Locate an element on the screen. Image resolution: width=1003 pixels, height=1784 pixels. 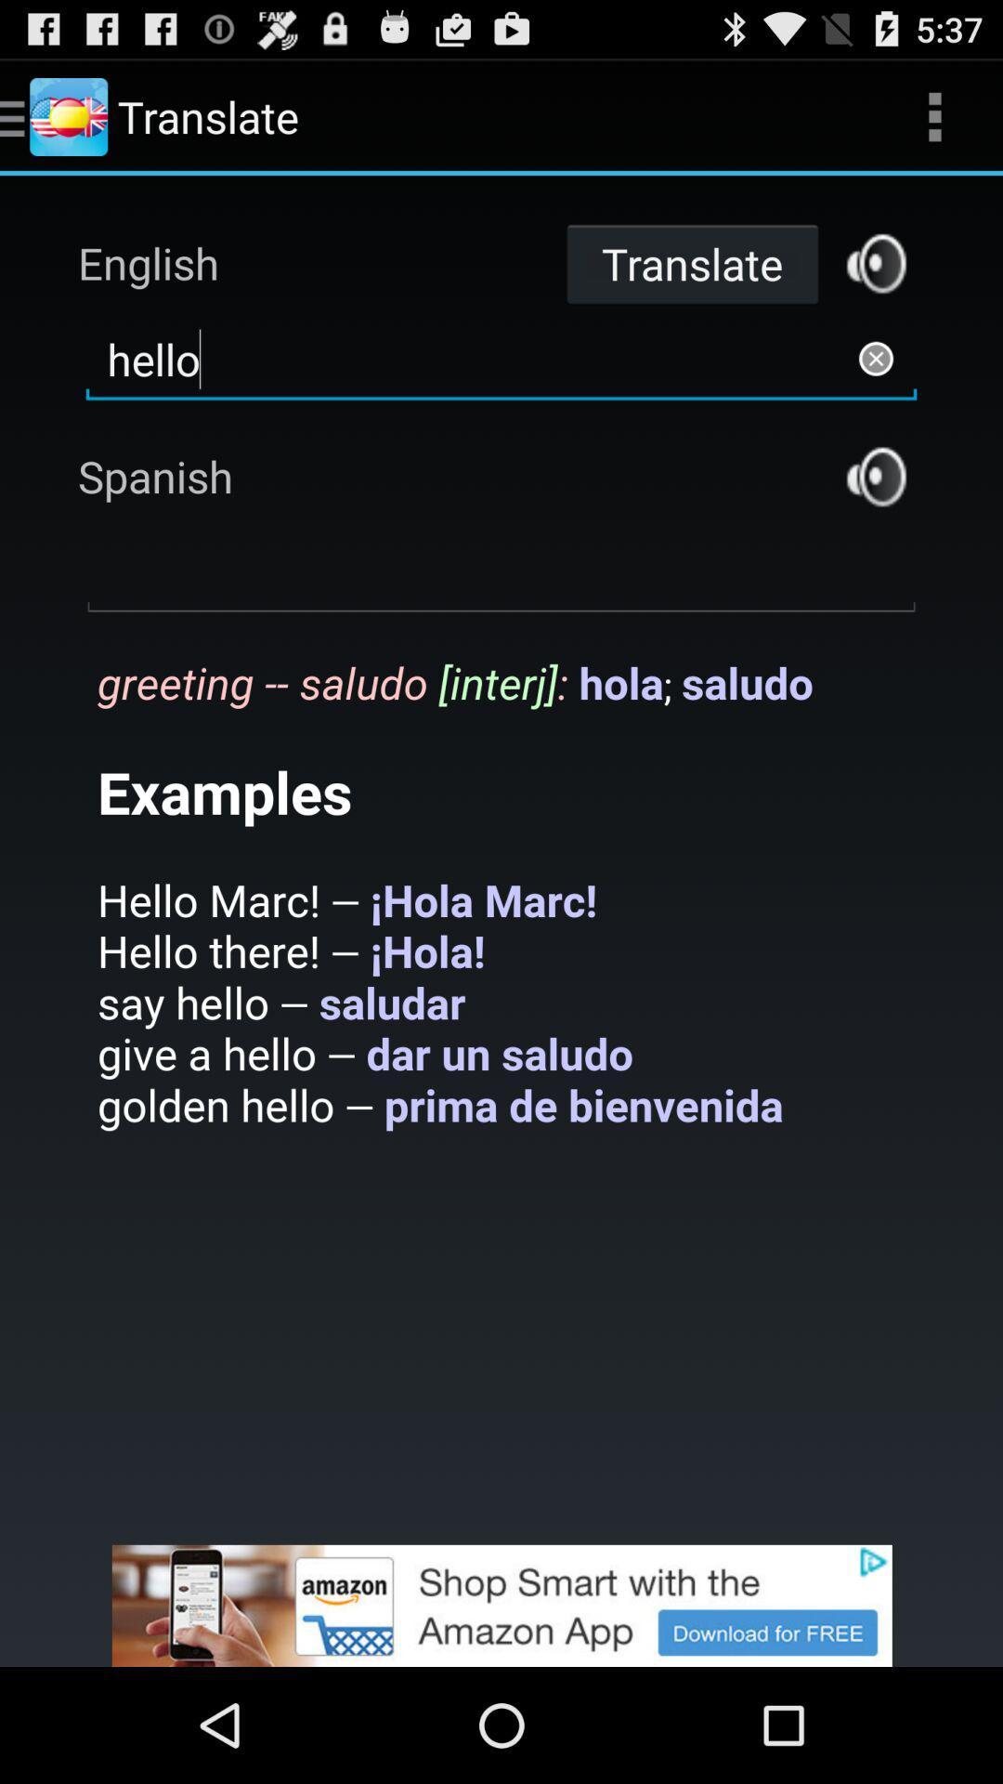
listen to translated audio is located at coordinates (876, 477).